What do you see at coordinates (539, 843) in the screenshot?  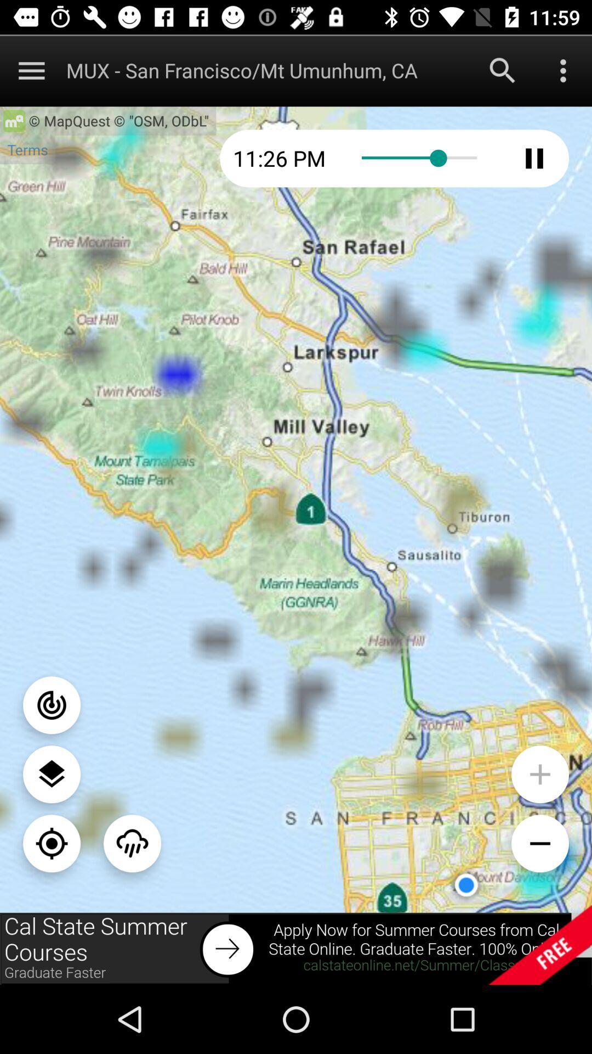 I see `zoom in` at bounding box center [539, 843].